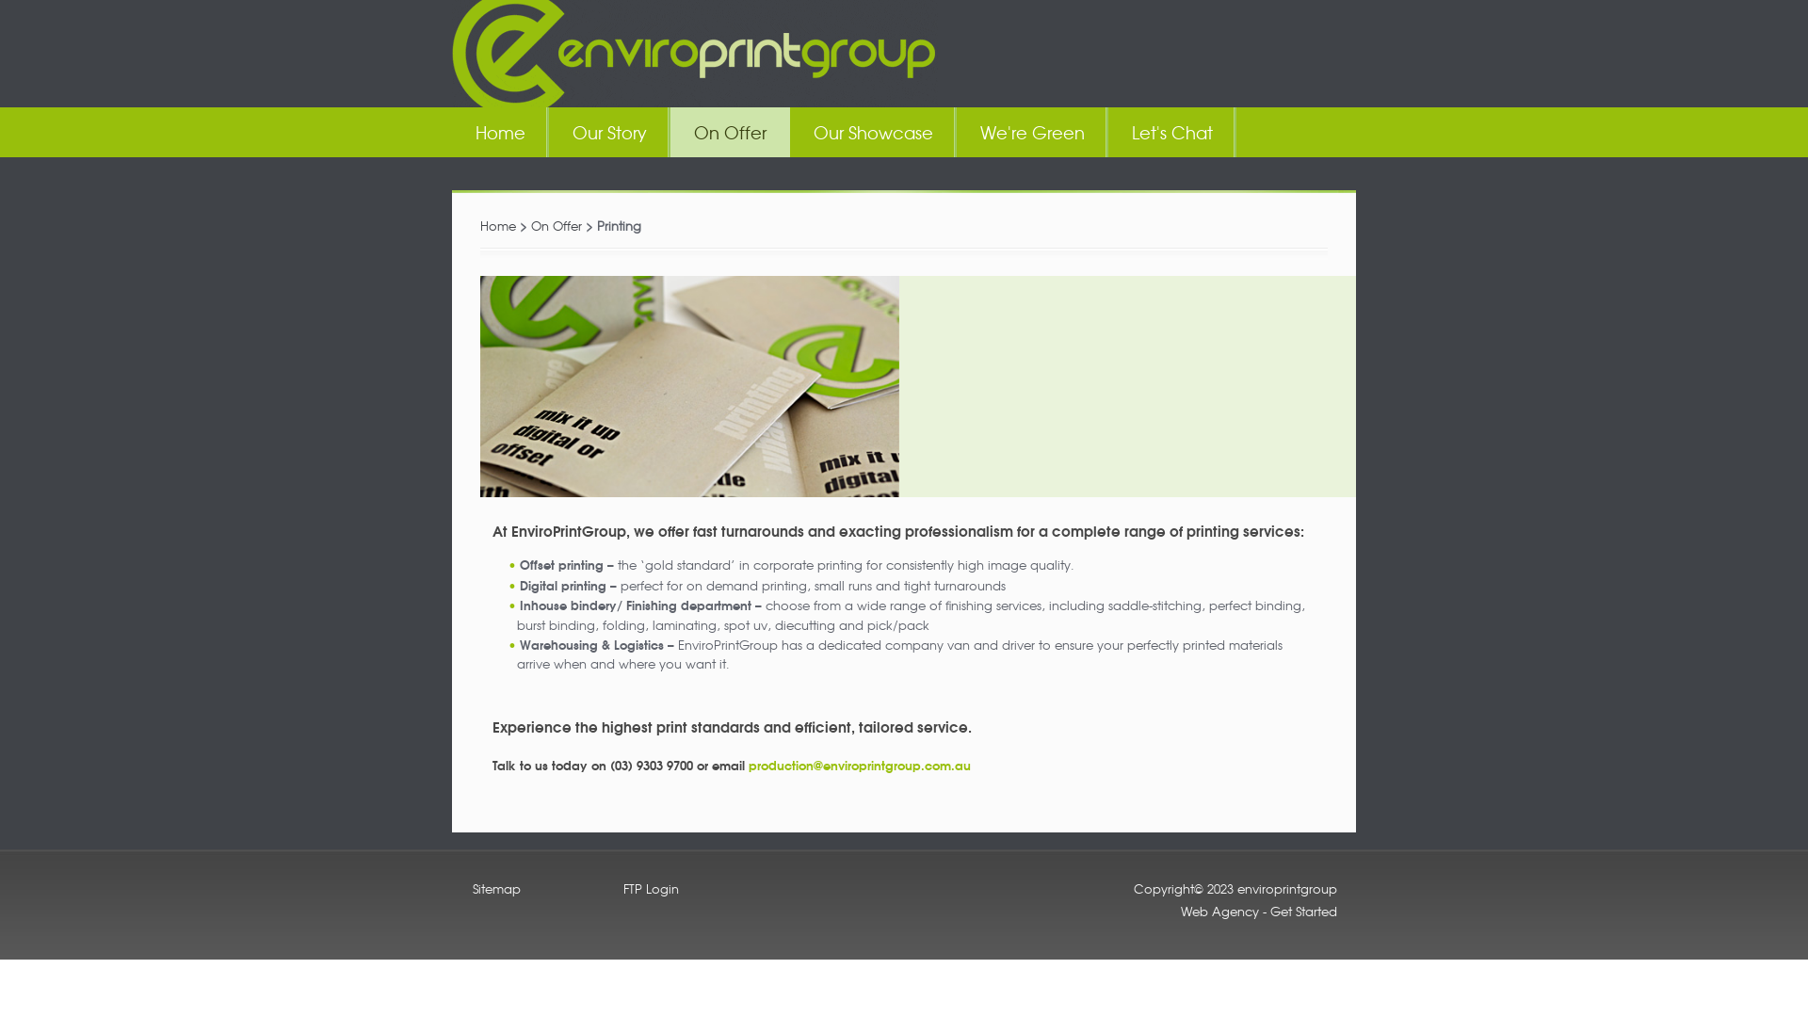  Describe the element at coordinates (547, 131) in the screenshot. I see `'Our Story'` at that location.